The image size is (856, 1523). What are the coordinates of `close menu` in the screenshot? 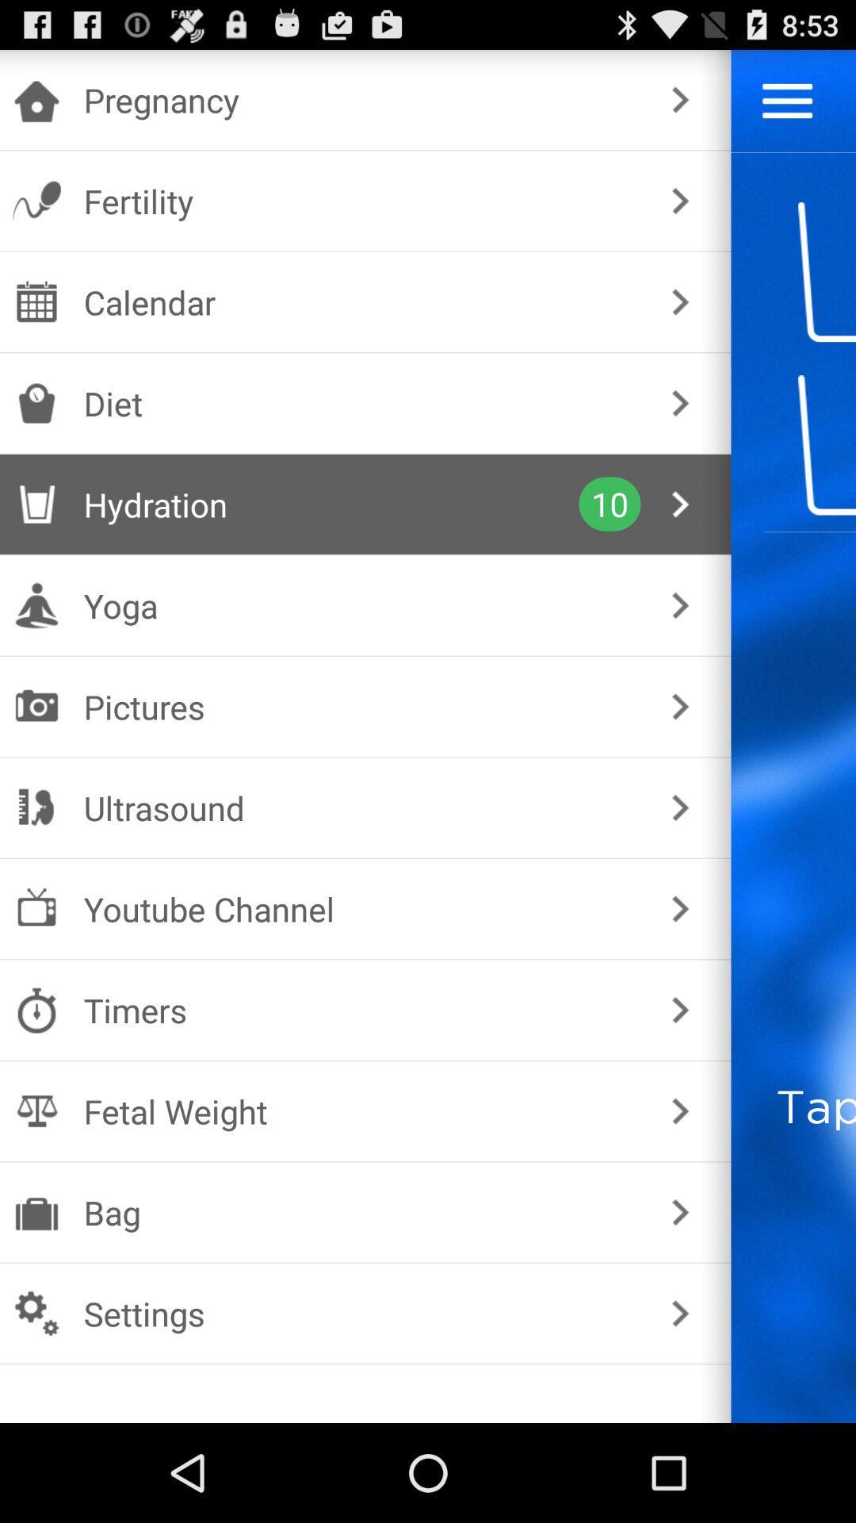 It's located at (787, 100).